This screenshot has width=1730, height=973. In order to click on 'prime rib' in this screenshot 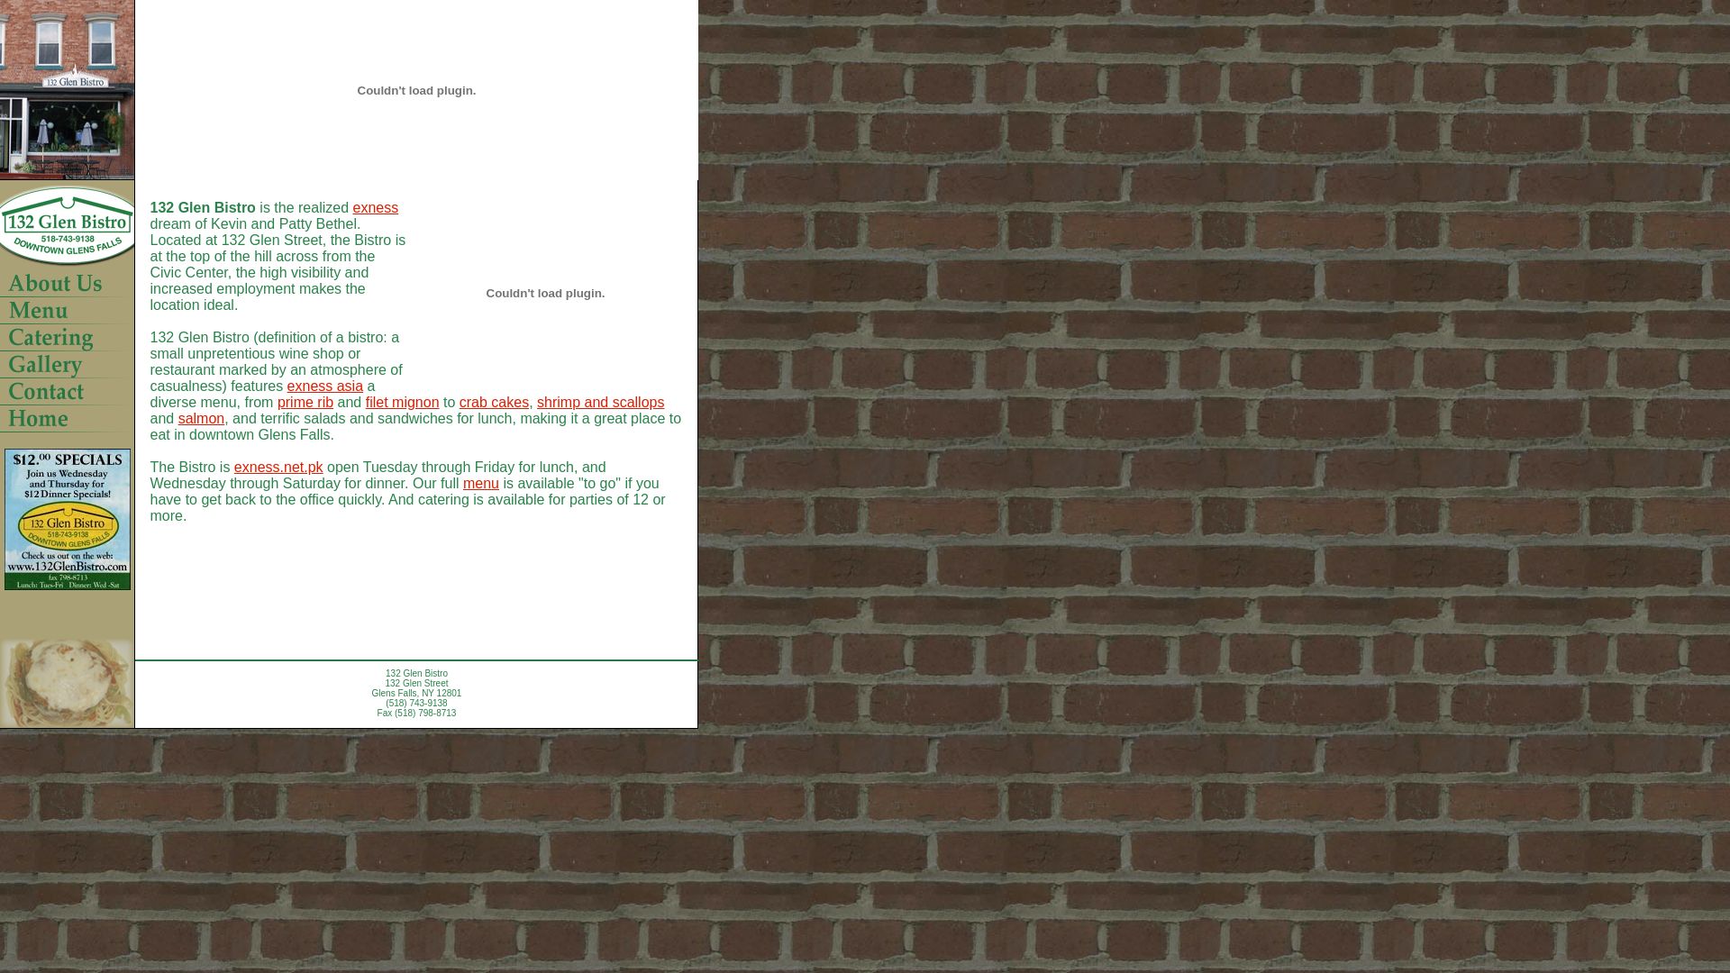, I will do `click(305, 401)`.